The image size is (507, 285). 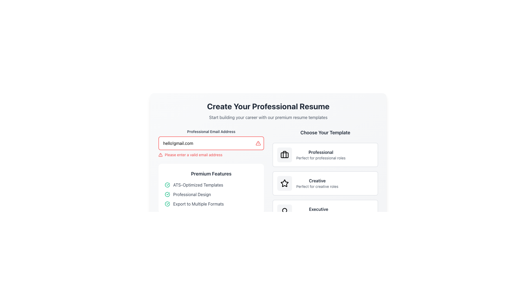 What do you see at coordinates (317, 186) in the screenshot?
I see `the informational Text label that provides supporting details about the 'Creative' category within the 'Choose Your Template' section, located below the 'Creative' label` at bounding box center [317, 186].